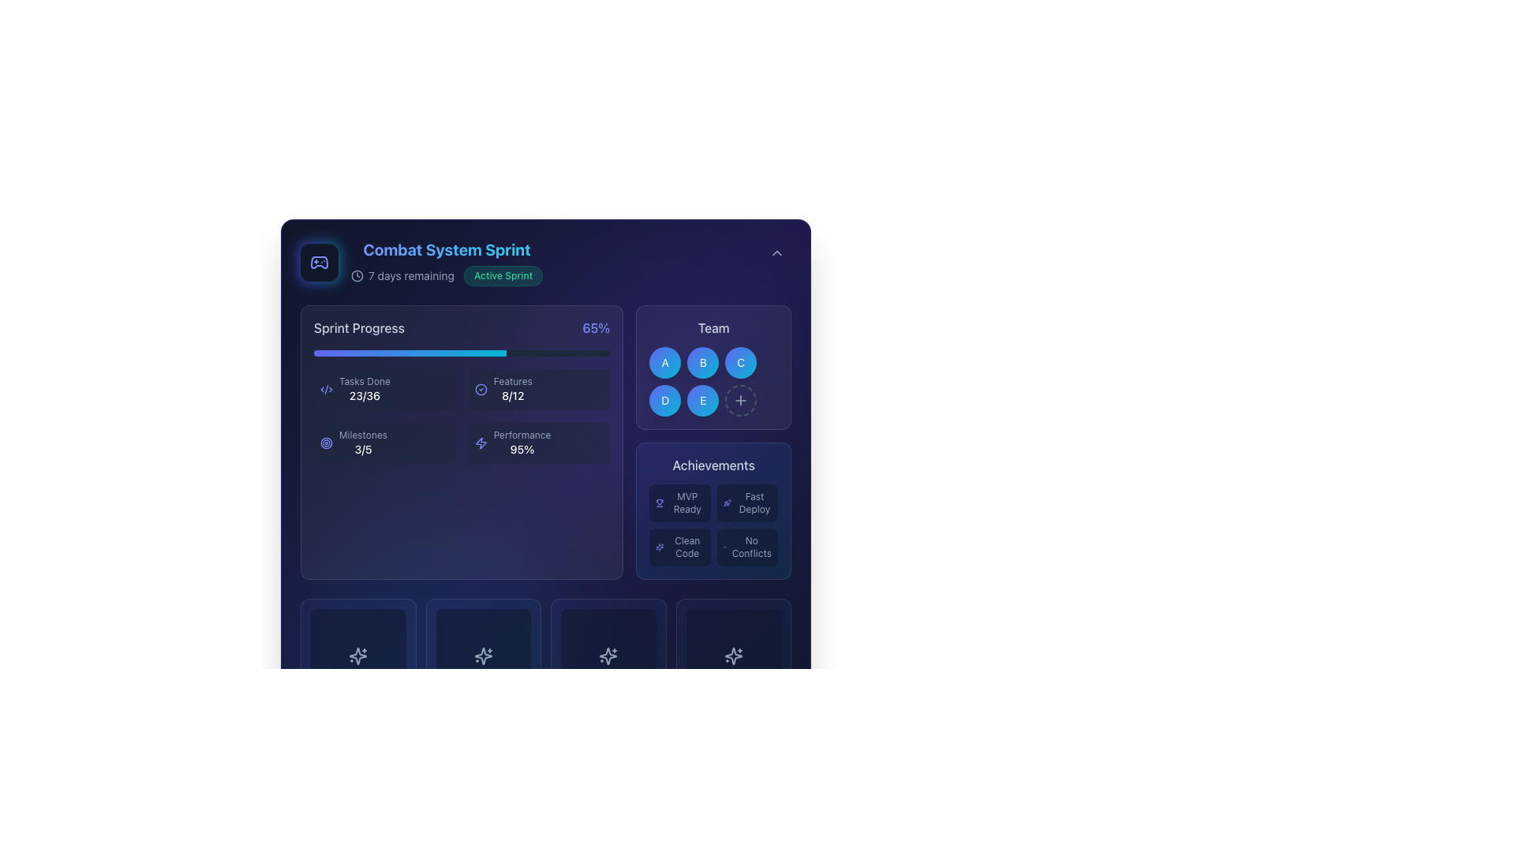 This screenshot has width=1515, height=852. Describe the element at coordinates (461, 352) in the screenshot. I see `the horizontal progress bar located in the 'Sprint Progress' section` at that location.